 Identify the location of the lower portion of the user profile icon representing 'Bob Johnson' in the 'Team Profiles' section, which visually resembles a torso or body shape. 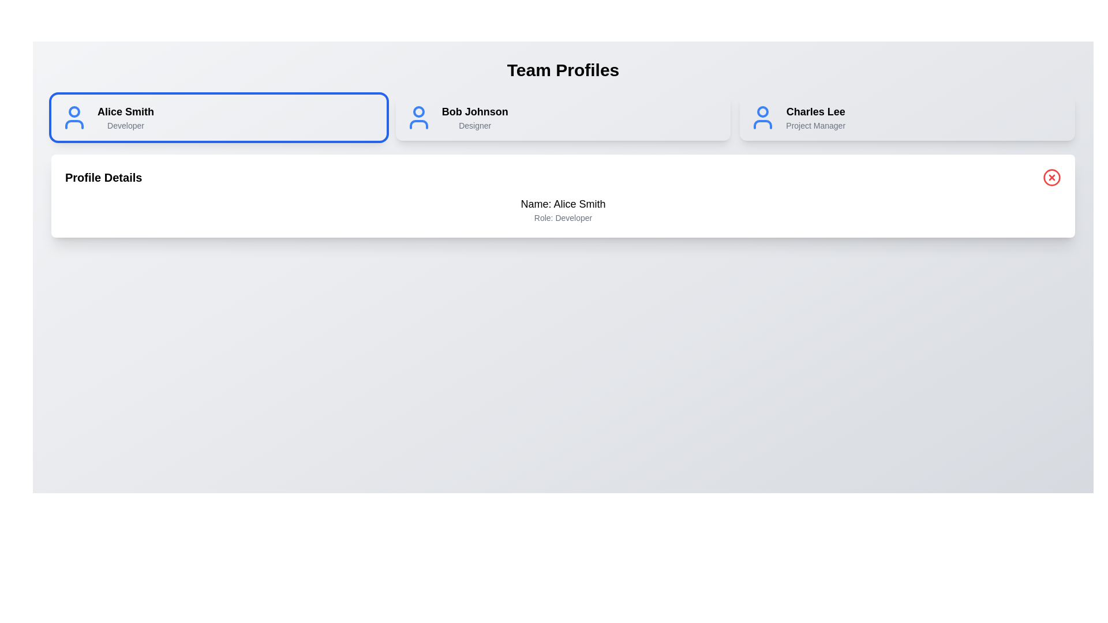
(418, 125).